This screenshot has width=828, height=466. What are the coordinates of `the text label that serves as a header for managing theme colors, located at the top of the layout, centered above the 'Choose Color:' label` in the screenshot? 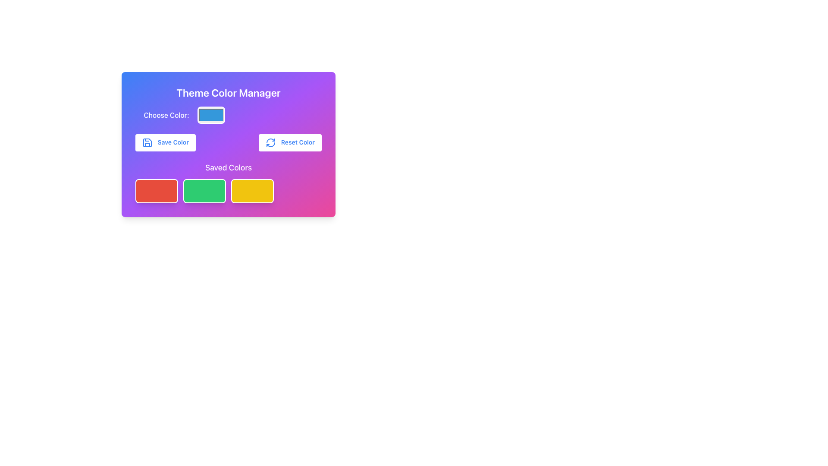 It's located at (228, 93).